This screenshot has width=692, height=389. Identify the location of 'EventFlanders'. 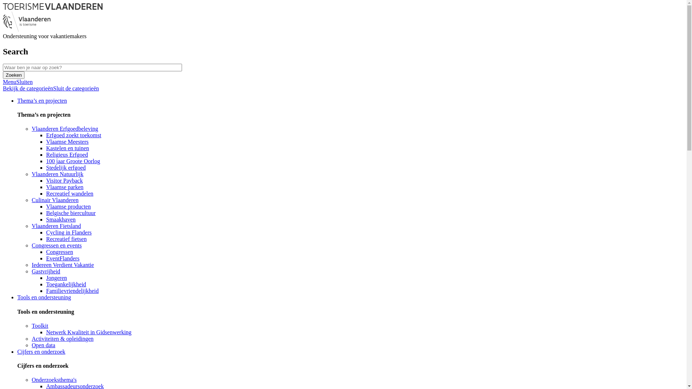
(62, 258).